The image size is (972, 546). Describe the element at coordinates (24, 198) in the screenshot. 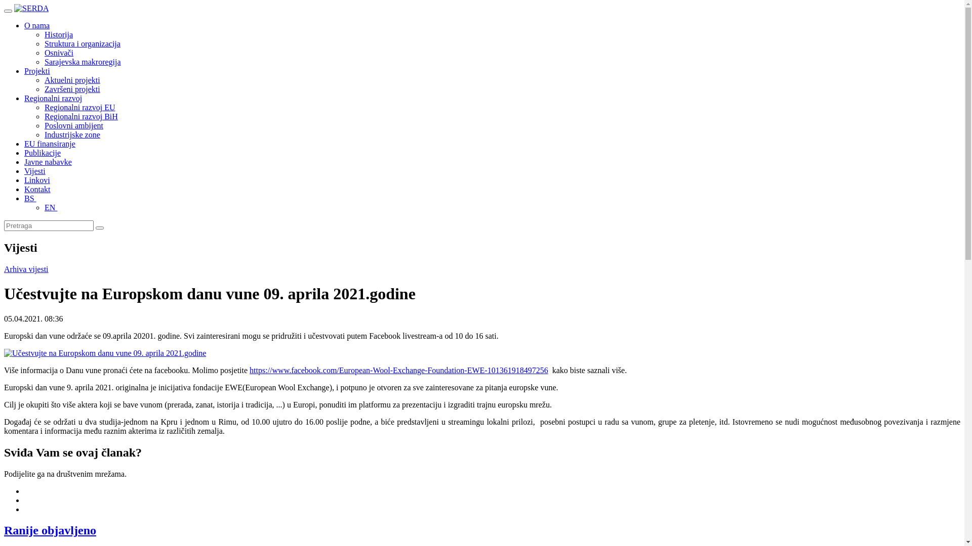

I see `'BS'` at that location.